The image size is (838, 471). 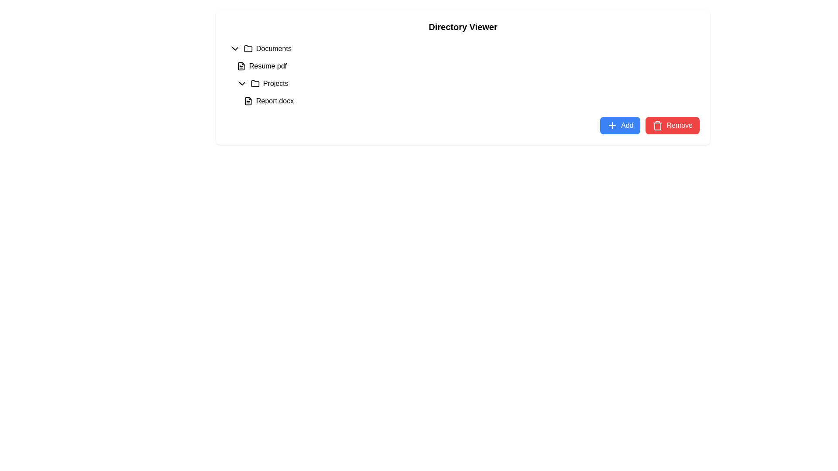 I want to click on the 'Projects' text label, which is a subitem under the expandable 'Documents' folder in a hierarchical navigation structure, so click(x=275, y=84).